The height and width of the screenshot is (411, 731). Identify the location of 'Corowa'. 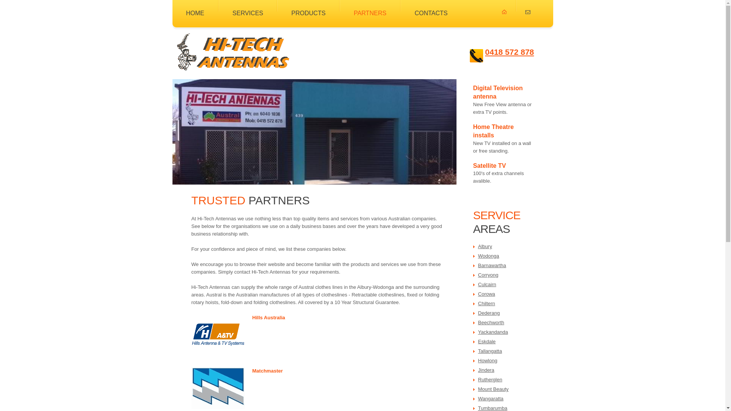
(486, 293).